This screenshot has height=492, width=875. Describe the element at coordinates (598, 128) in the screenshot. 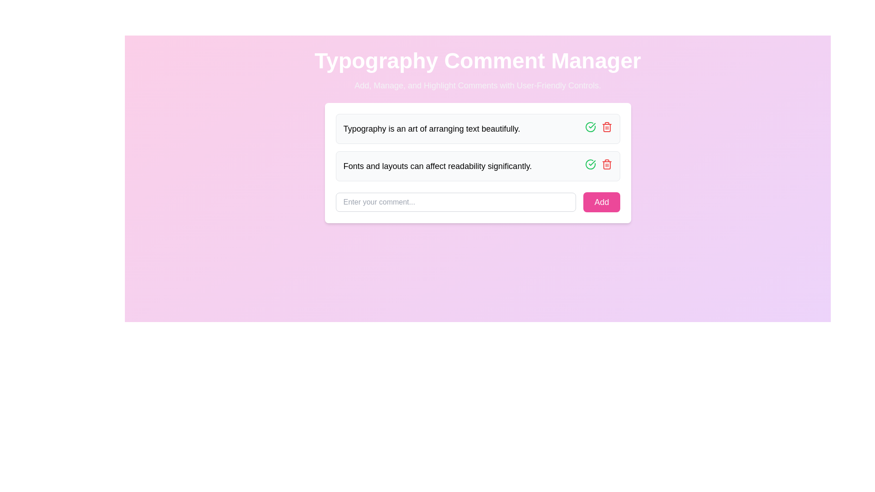

I see `the Action button group located in the first comment panel with the text 'Typography is an art of arranging text beautifully.' This group allows users to approve or delete comments` at that location.